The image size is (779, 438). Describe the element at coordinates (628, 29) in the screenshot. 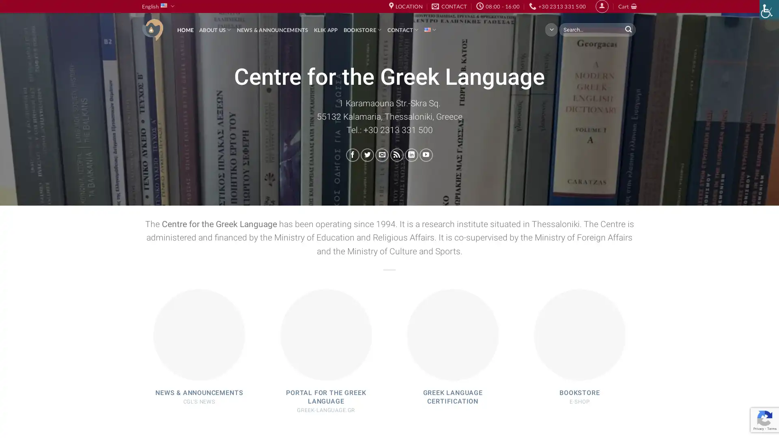

I see `Submit` at that location.